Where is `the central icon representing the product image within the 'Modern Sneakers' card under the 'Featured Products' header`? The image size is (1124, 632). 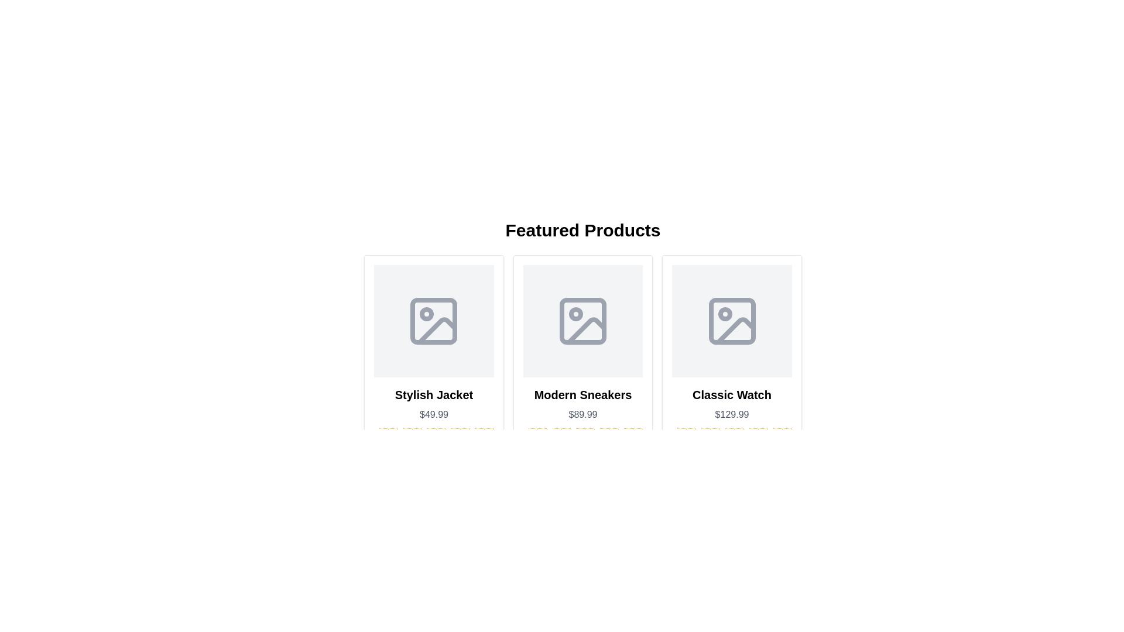
the central icon representing the product image within the 'Modern Sneakers' card under the 'Featured Products' header is located at coordinates (583, 321).